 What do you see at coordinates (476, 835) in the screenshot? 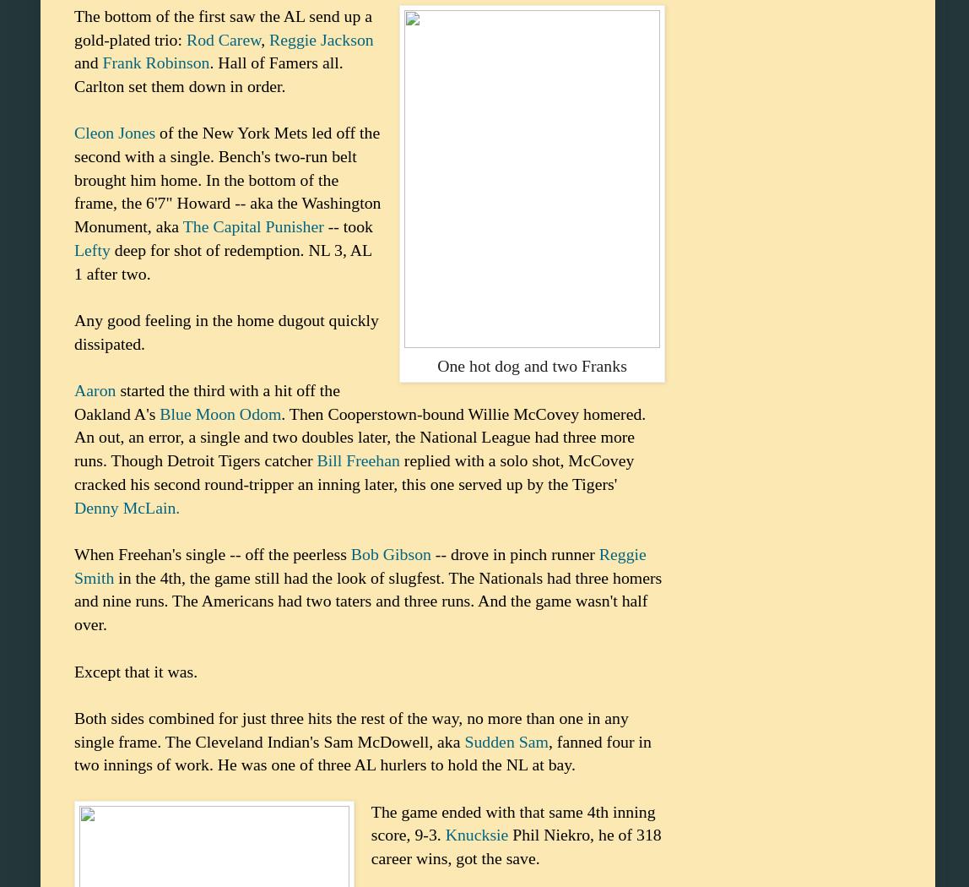
I see `'Knucksie'` at bounding box center [476, 835].